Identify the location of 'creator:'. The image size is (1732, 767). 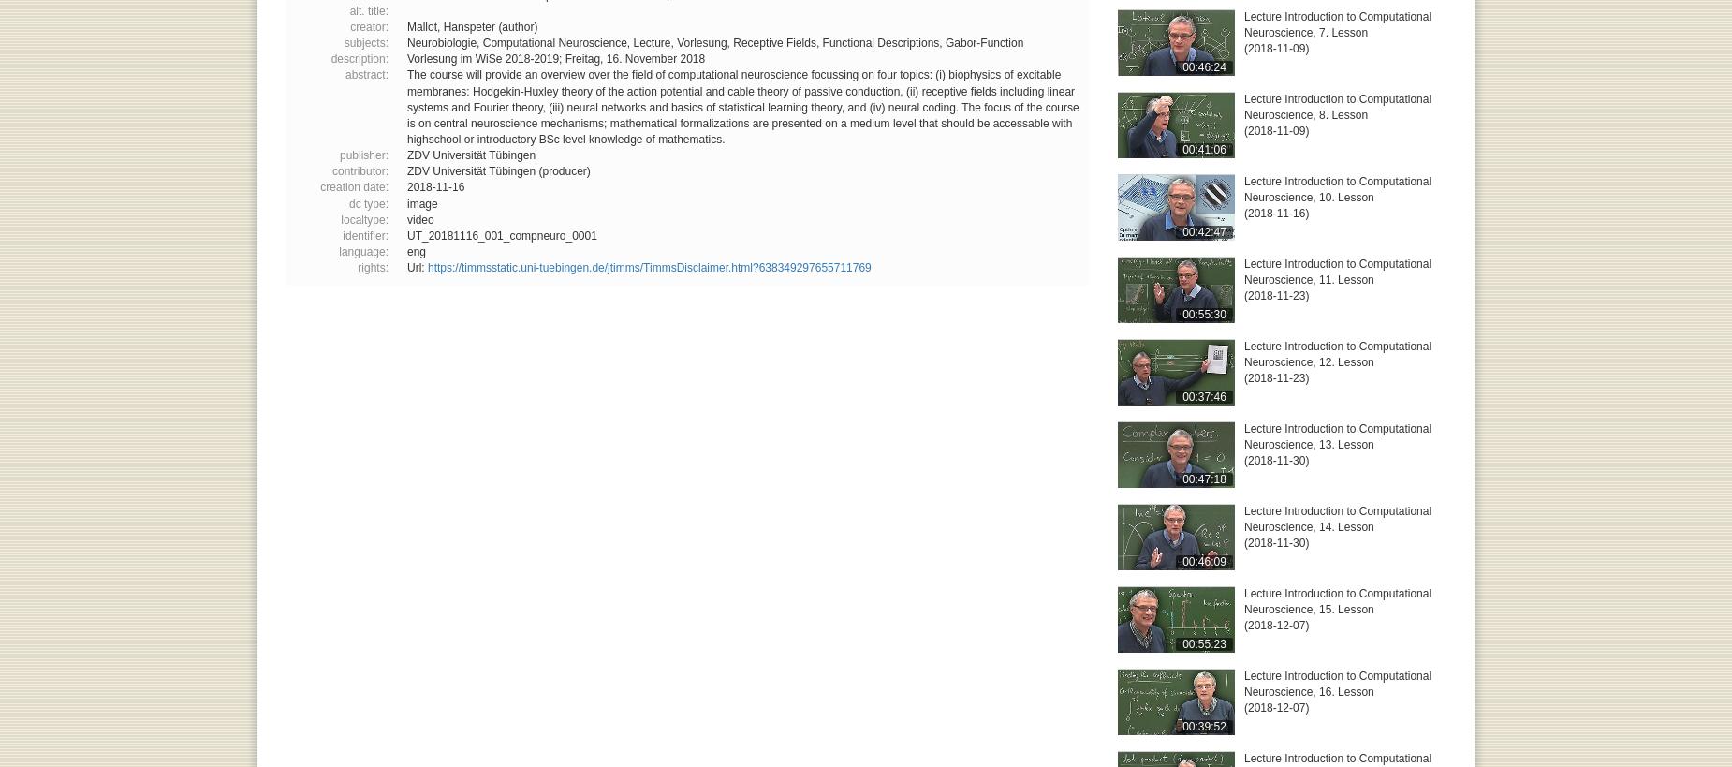
(368, 25).